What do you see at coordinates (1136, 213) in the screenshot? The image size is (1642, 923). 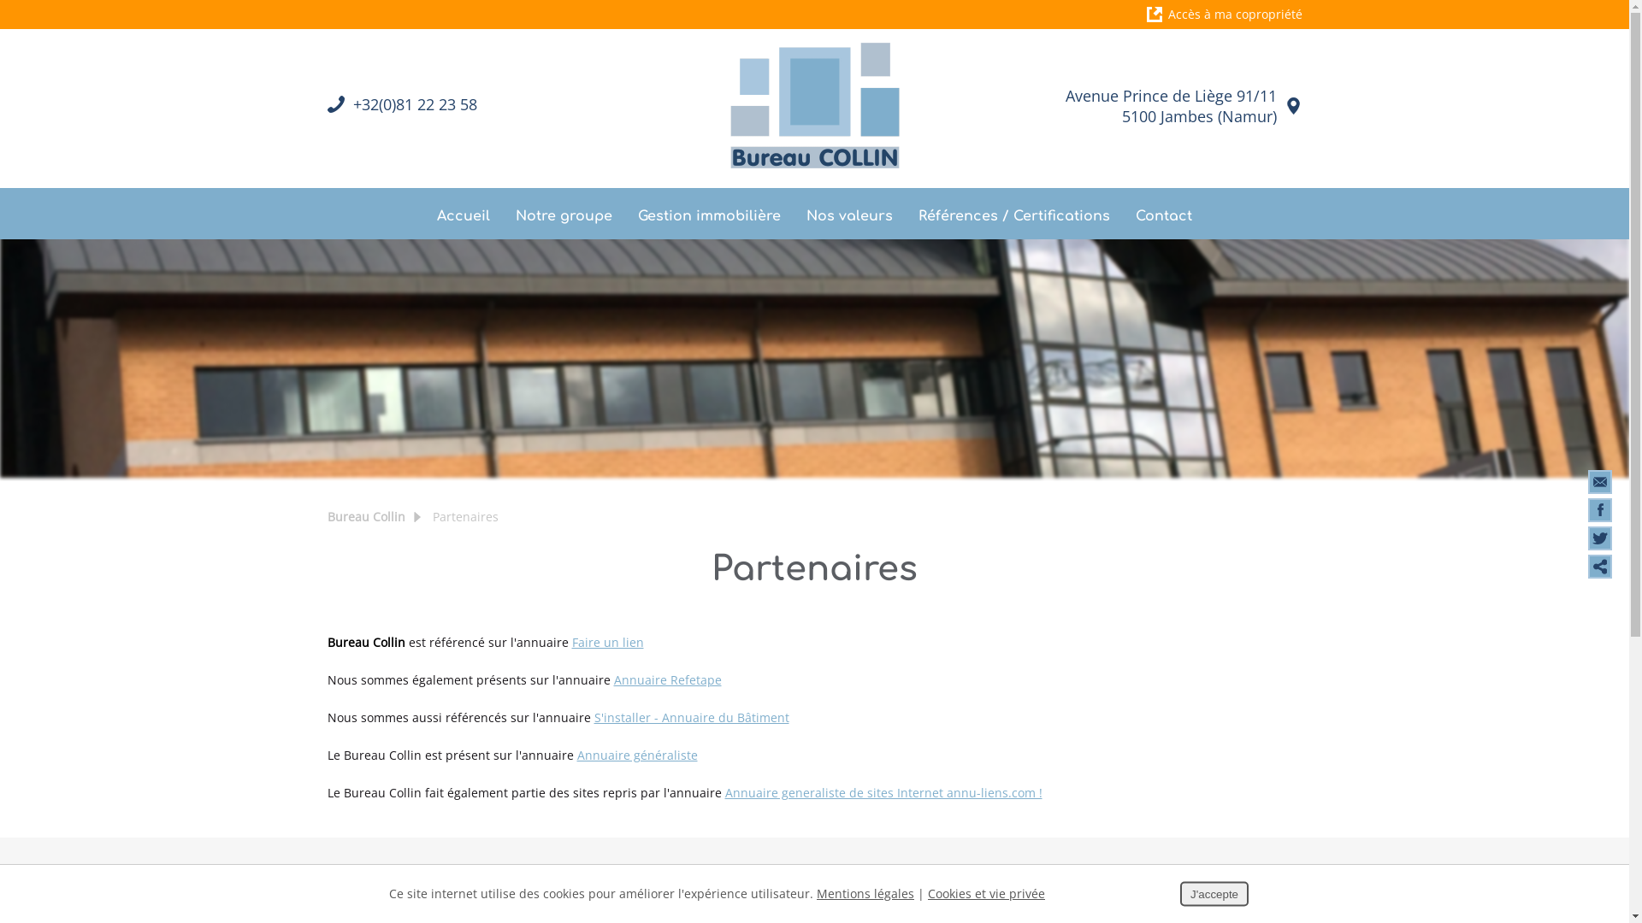 I see `'Contact'` at bounding box center [1136, 213].